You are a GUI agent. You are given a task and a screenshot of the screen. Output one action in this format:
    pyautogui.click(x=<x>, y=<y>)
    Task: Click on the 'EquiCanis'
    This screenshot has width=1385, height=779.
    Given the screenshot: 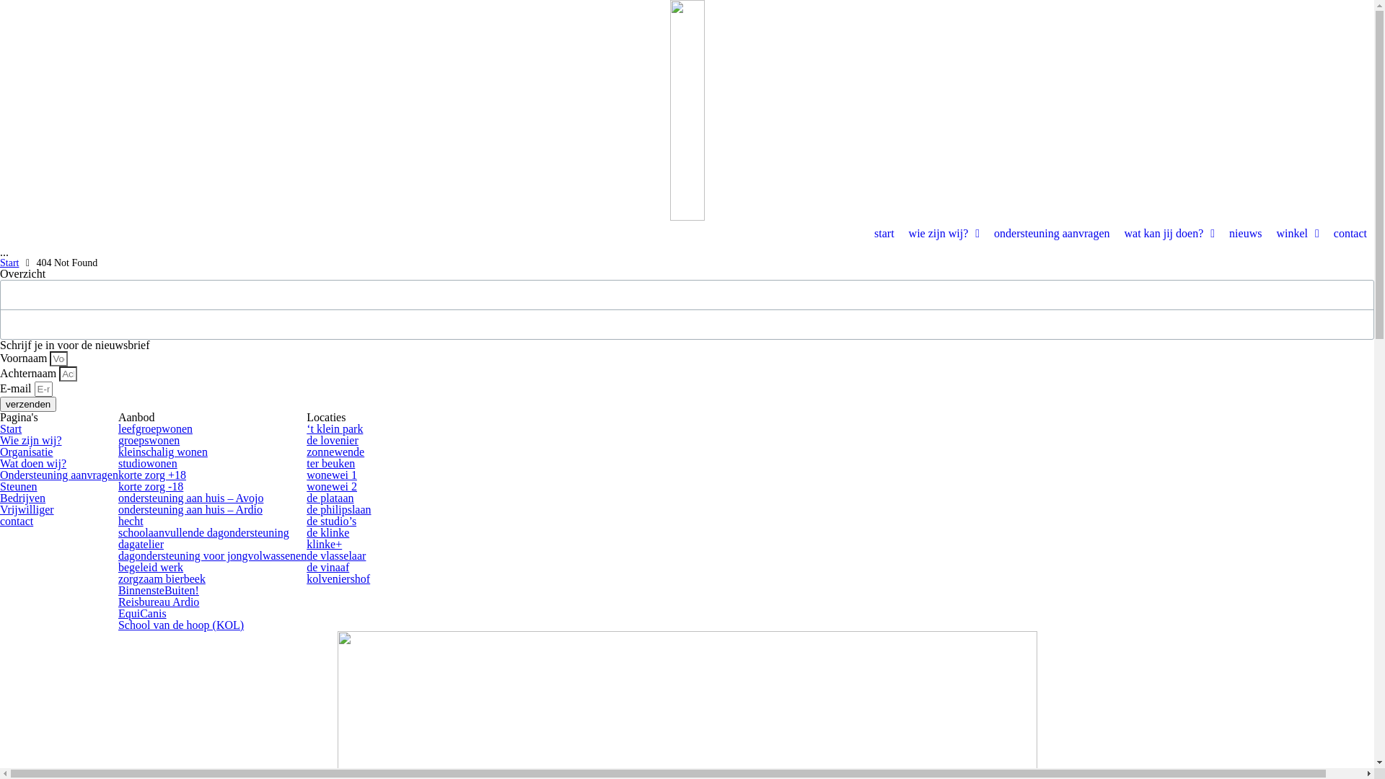 What is the action you would take?
    pyautogui.click(x=142, y=613)
    